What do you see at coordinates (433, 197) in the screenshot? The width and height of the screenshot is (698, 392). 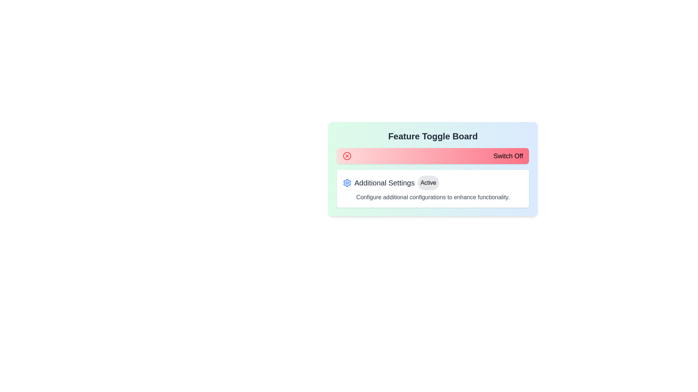 I see `the text element that reads 'Configure additional configurations to enhance functionality.' which is styled in gray and located below the 'Additional Settings' title` at bounding box center [433, 197].